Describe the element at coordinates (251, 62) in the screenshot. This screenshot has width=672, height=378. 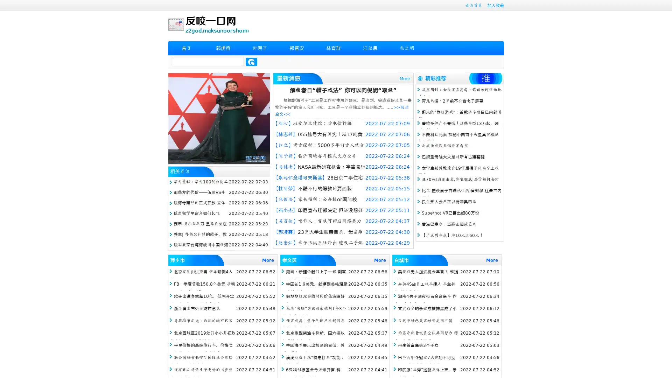
I see `Search` at that location.